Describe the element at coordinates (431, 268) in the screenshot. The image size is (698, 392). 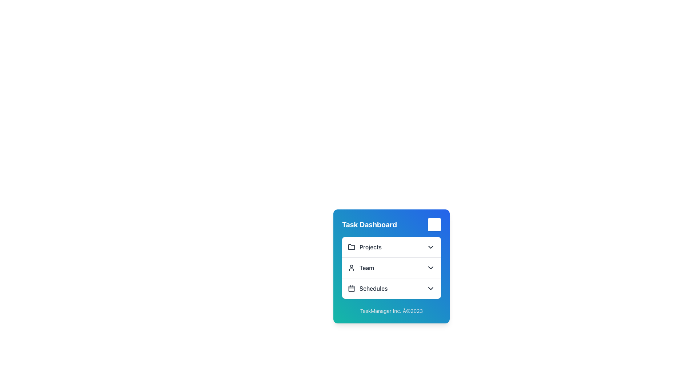
I see `the downward-pointing arrow icon (Dropdown Indicator Icon) located to the right of the 'Team' entry to potentially reveal a tooltip` at that location.